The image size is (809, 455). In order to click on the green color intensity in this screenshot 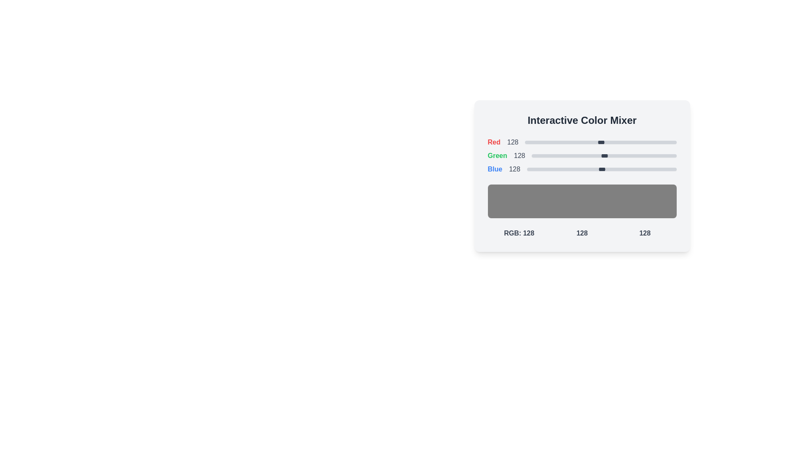, I will do `click(567, 156)`.